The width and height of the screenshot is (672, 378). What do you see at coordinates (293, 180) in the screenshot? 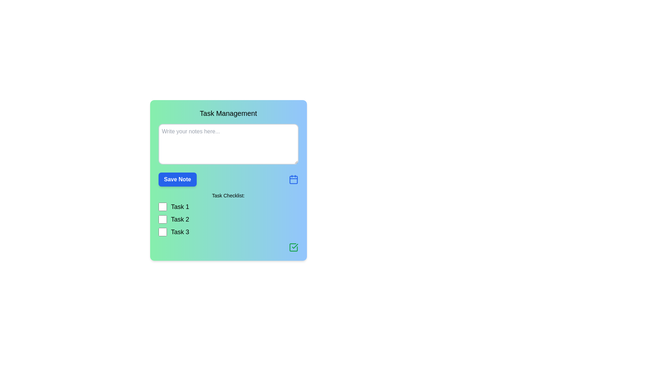
I see `the SVG Rectangle that forms the main inner body of the calendar icon located near the top right of the interface above the 'Task Checklist.'` at bounding box center [293, 180].